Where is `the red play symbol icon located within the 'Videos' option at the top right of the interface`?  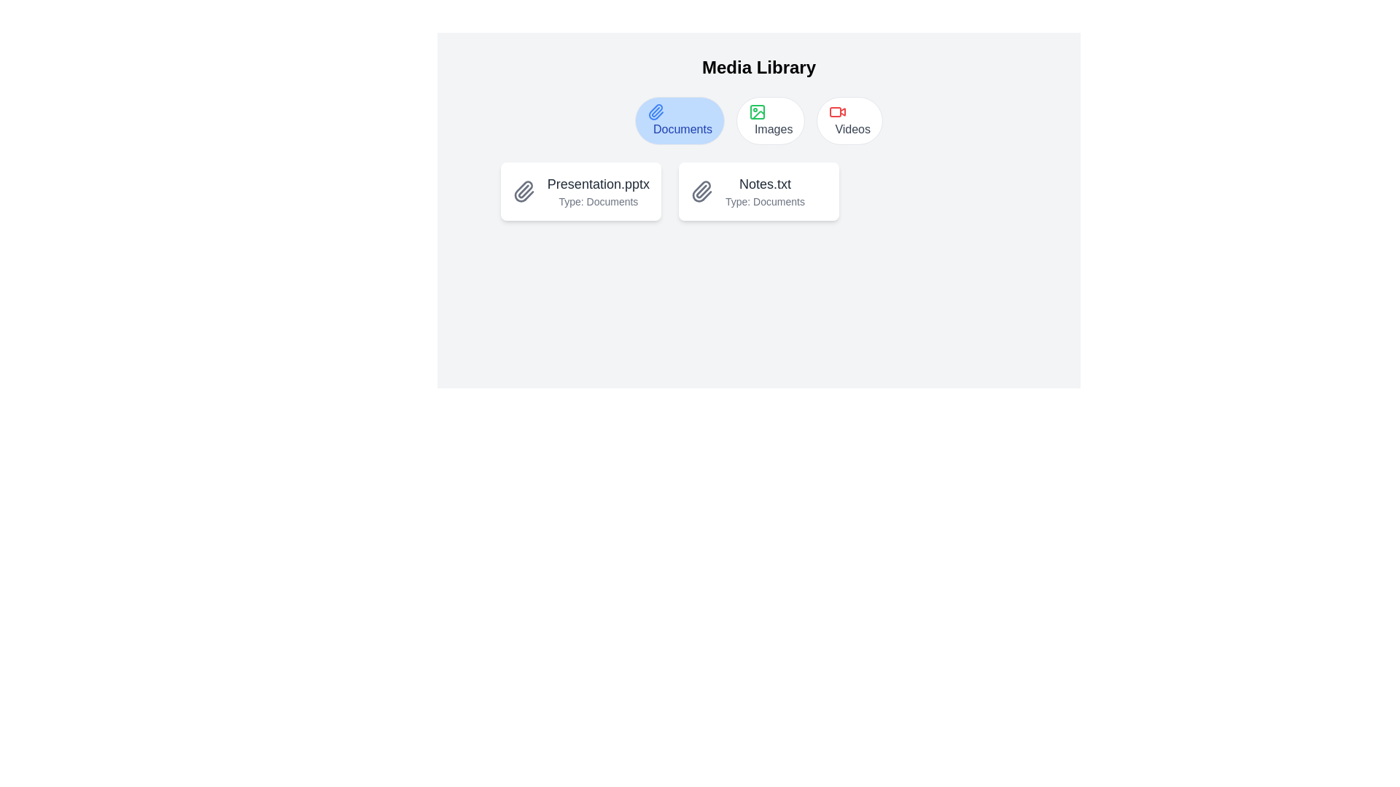 the red play symbol icon located within the 'Videos' option at the top right of the interface is located at coordinates (843, 111).